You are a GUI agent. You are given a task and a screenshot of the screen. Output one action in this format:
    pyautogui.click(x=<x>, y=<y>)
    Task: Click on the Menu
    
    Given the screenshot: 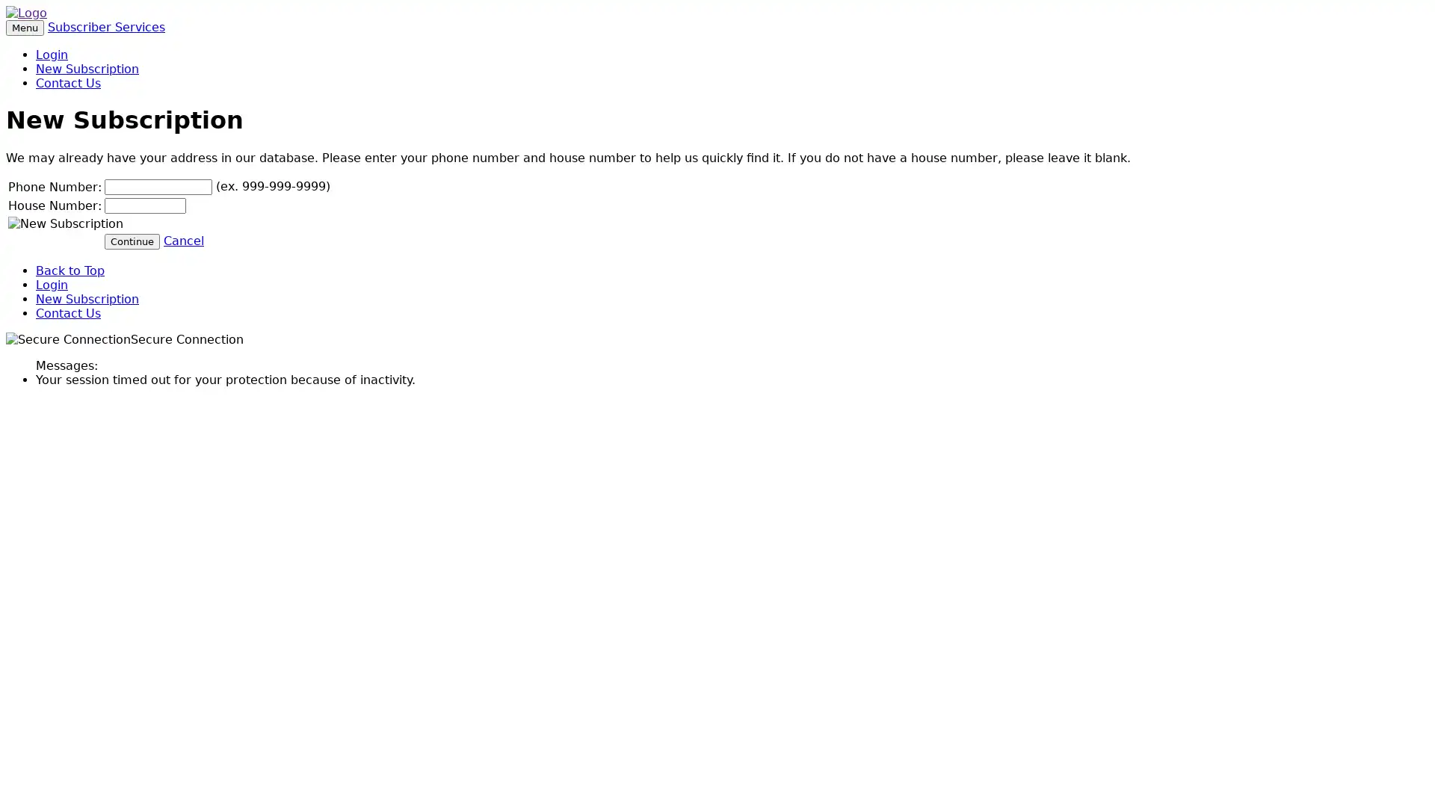 What is the action you would take?
    pyautogui.click(x=25, y=28)
    